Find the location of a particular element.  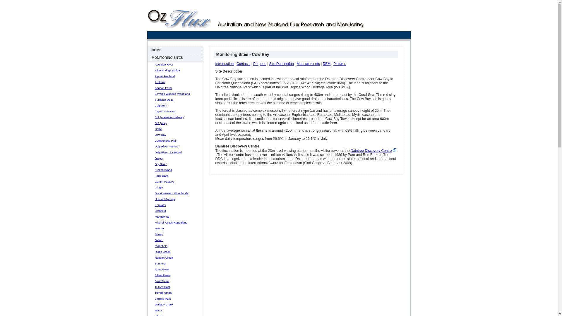

'Gingin' is located at coordinates (155, 187).